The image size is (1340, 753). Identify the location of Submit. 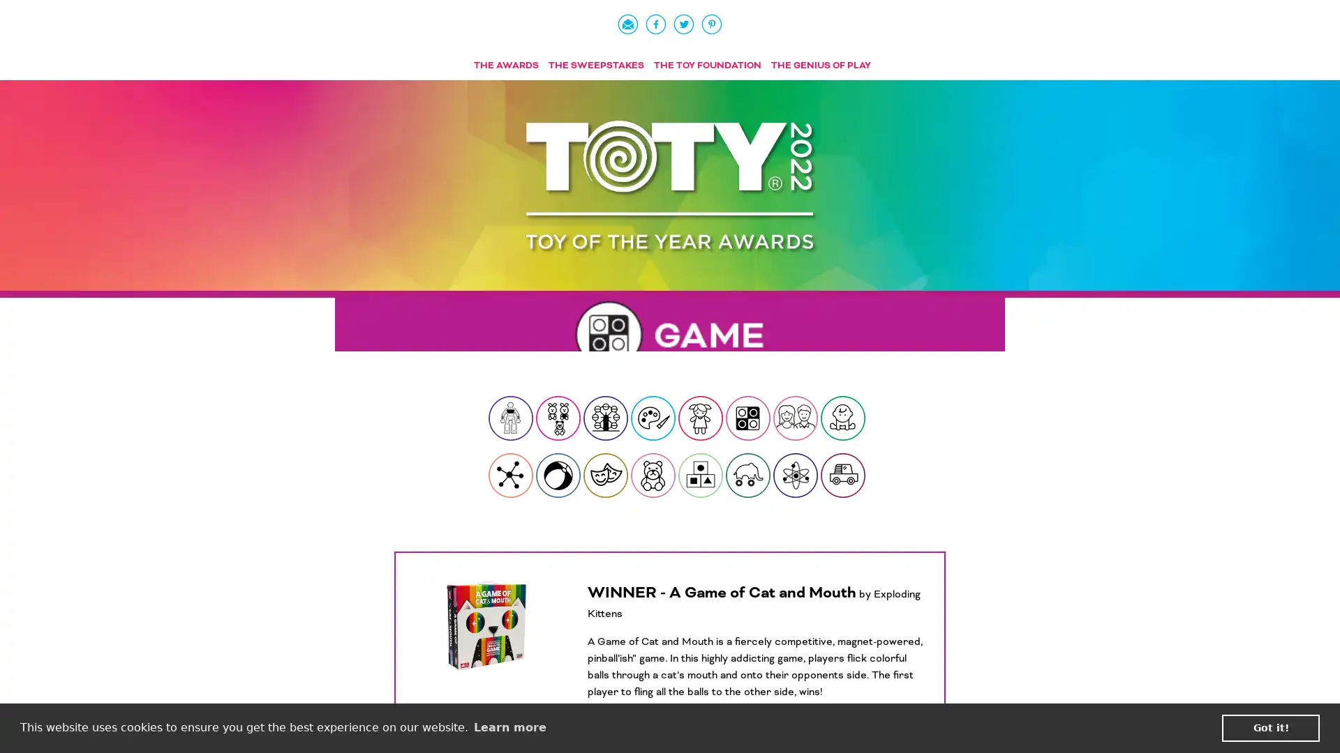
(842, 418).